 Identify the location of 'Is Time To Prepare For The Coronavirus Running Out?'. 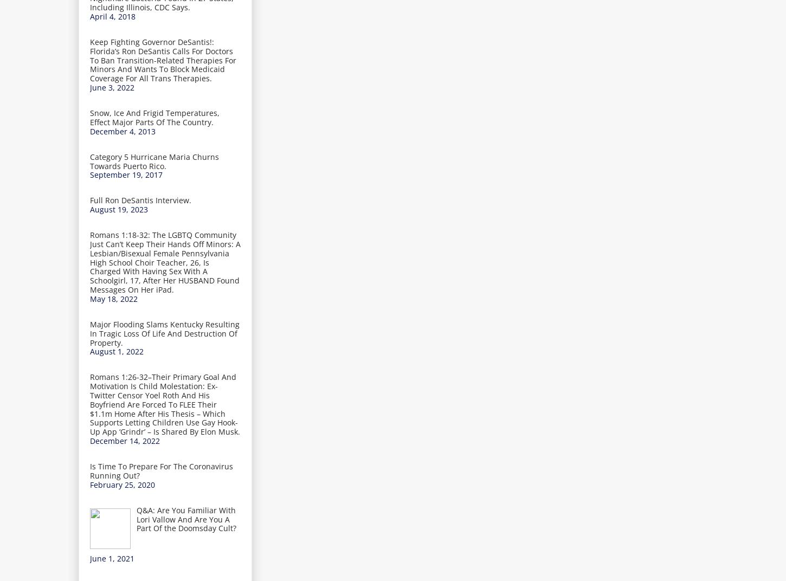
(161, 470).